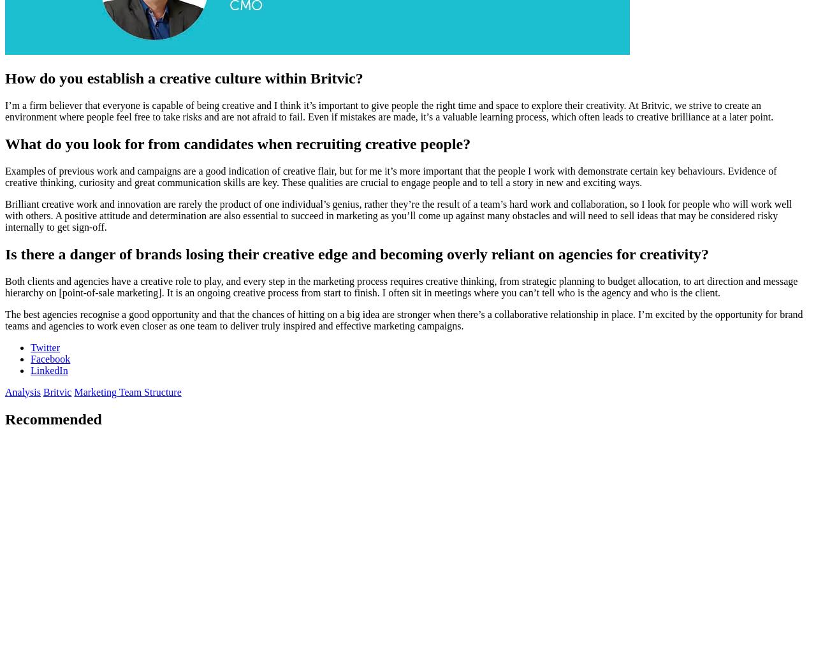 Image resolution: width=816 pixels, height=650 pixels. I want to click on 'Marketing Team Structure', so click(127, 391).